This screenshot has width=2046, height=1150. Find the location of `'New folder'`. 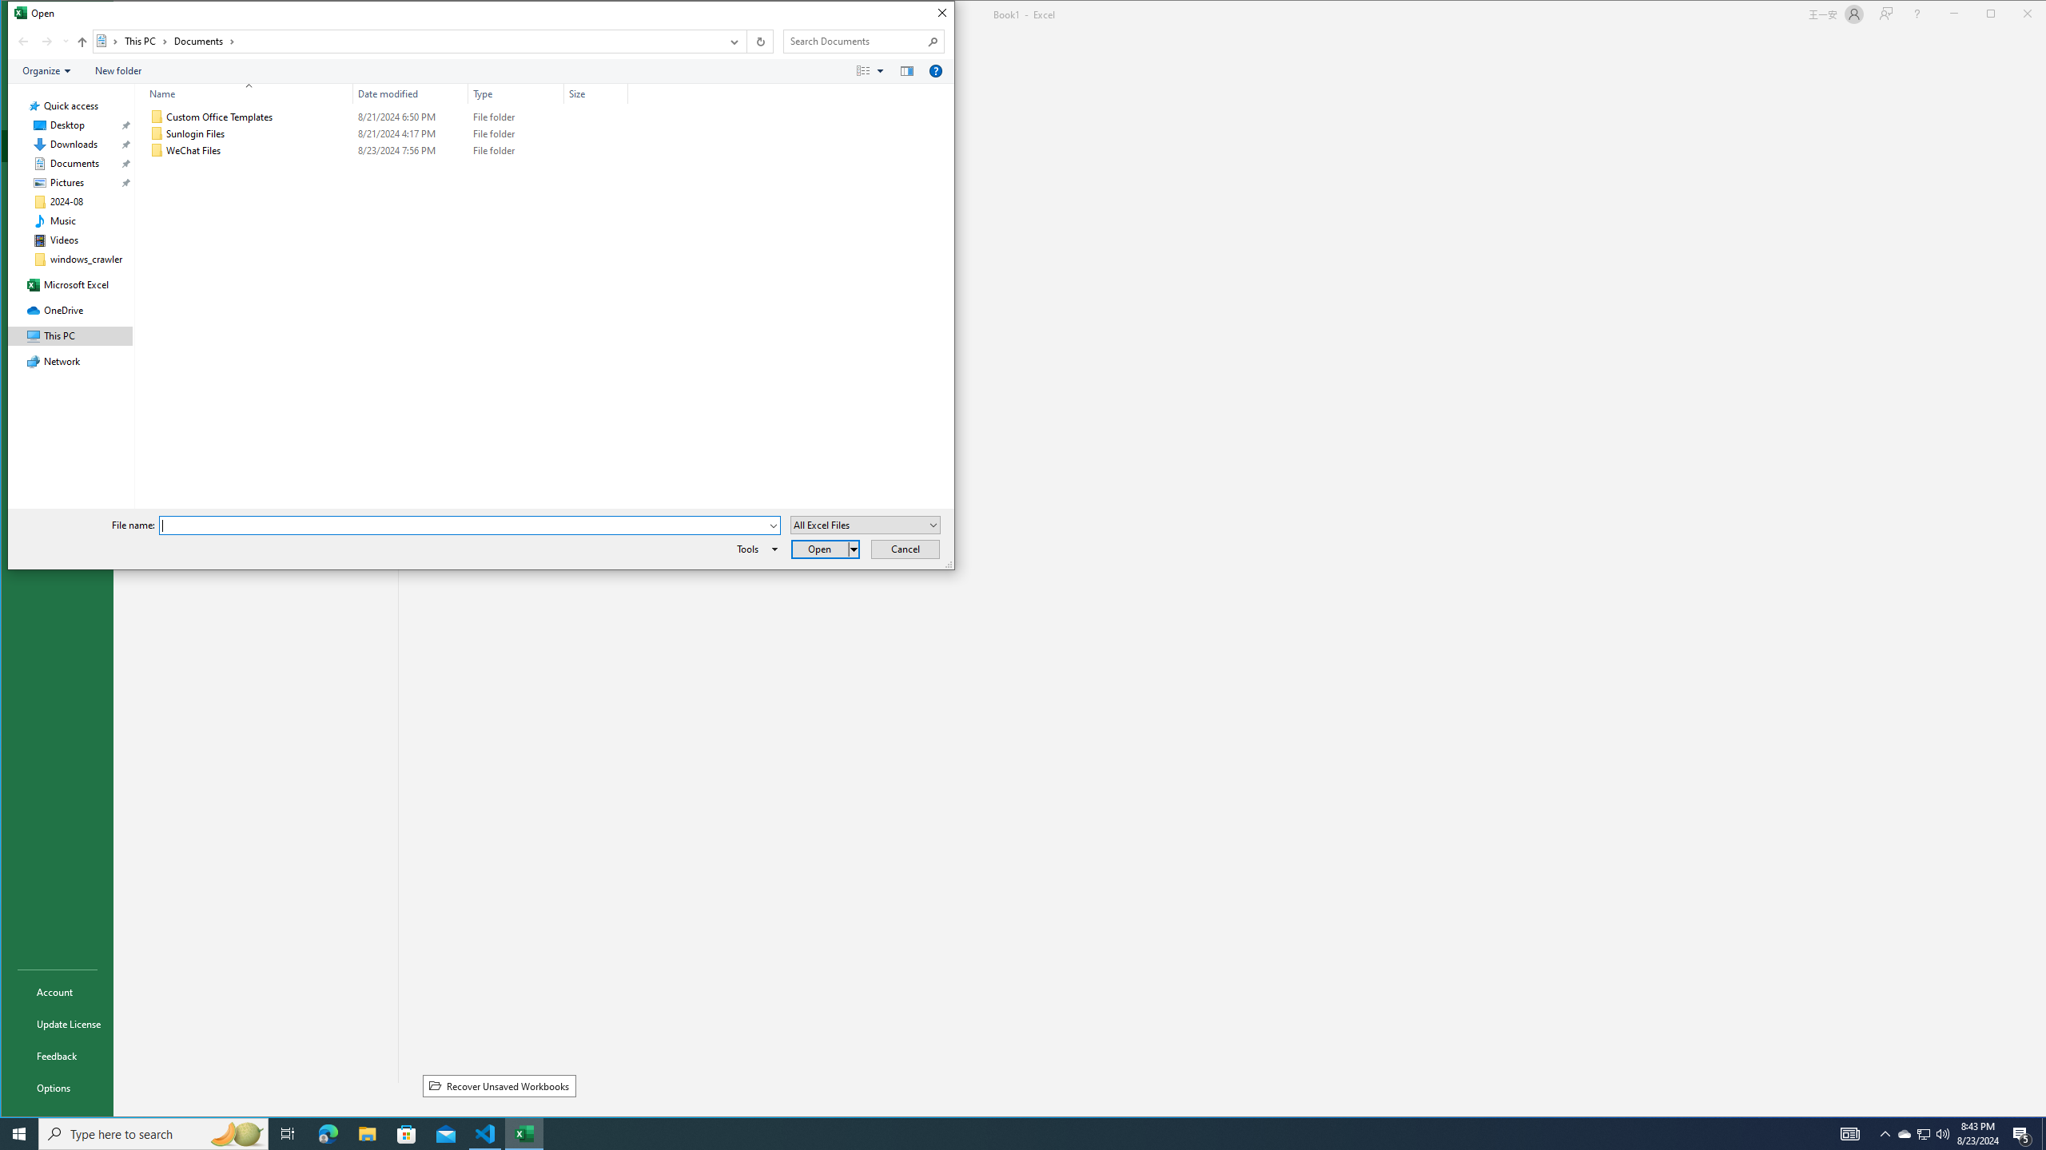

'New folder' is located at coordinates (117, 70).